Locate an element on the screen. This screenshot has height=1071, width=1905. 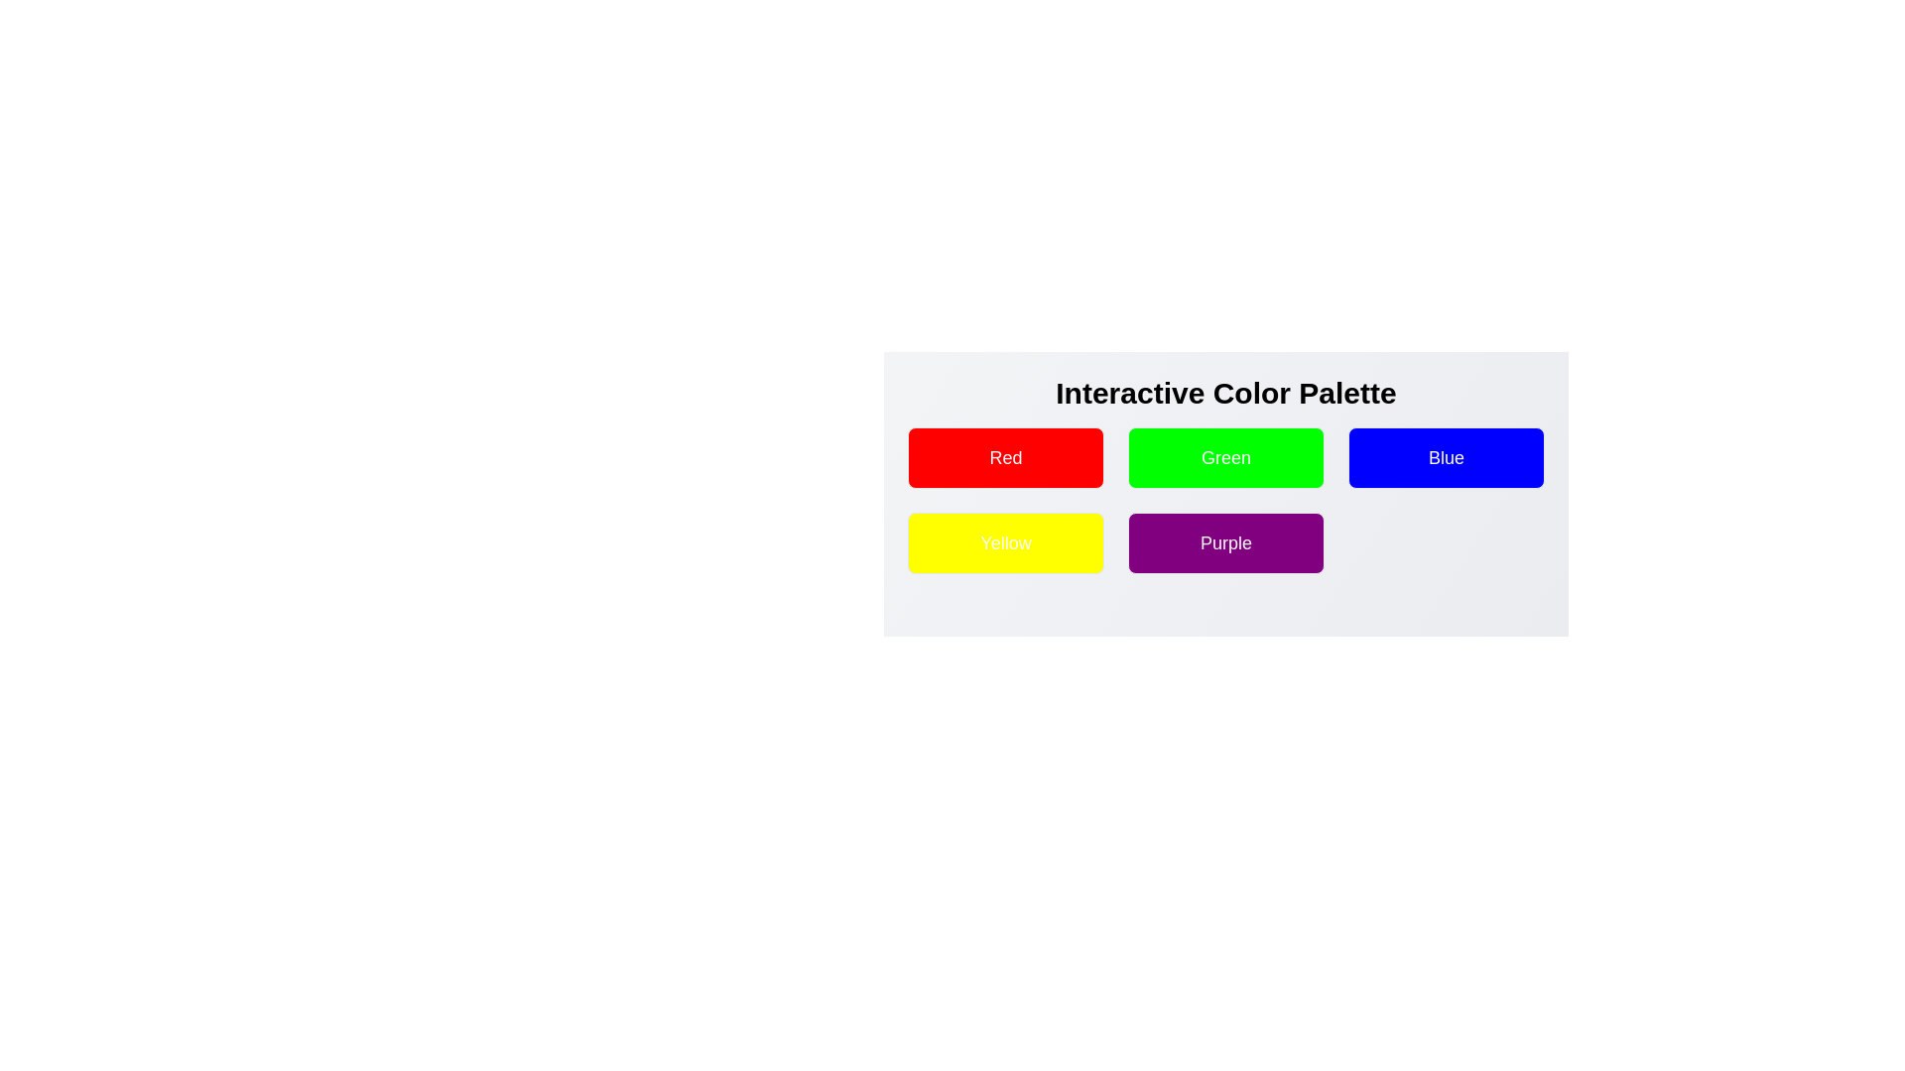
the green button labeled 'Green' which is centered in a grid layout, positioned between a red button and a blue button is located at coordinates (1225, 458).